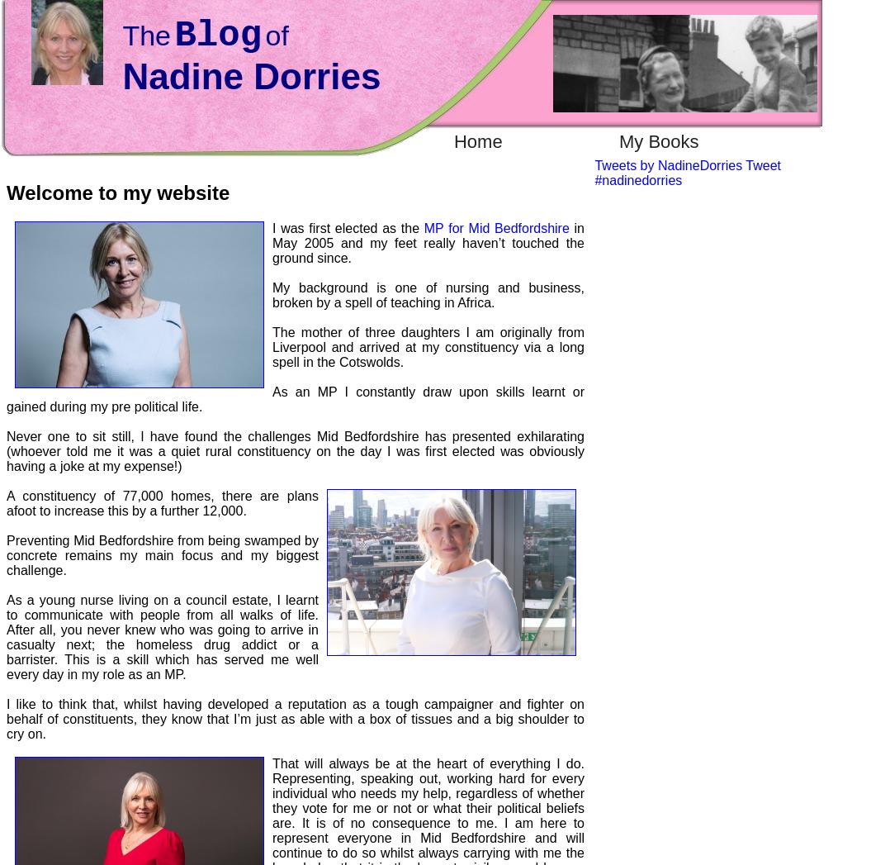 This screenshot has height=865, width=871. I want to click on 'Welcome to my website', so click(117, 191).